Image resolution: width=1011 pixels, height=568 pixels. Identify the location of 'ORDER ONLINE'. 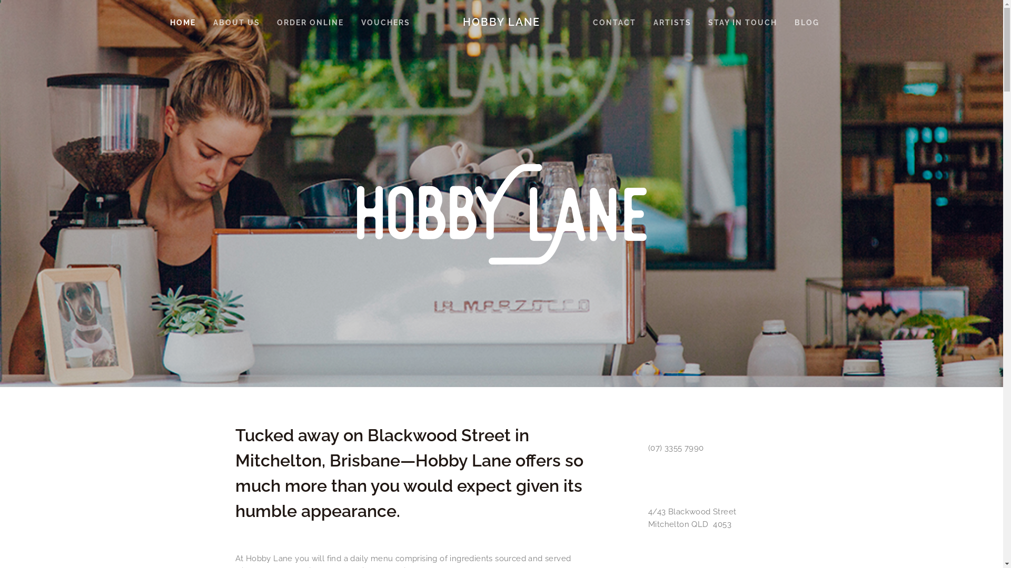
(310, 22).